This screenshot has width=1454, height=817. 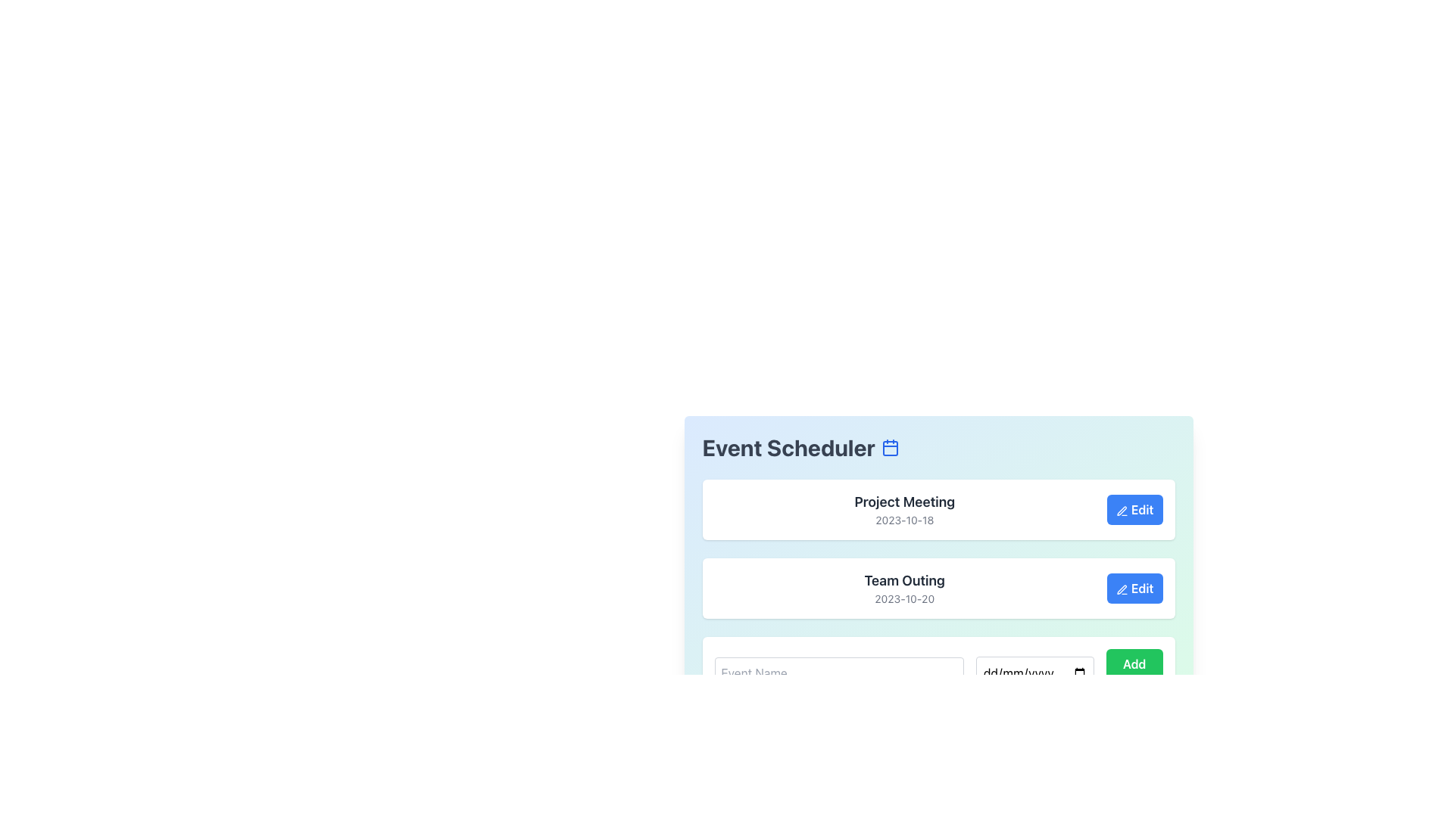 I want to click on the 'Project Meeting' card in the 'Event Scheduler' section, so click(x=938, y=536).